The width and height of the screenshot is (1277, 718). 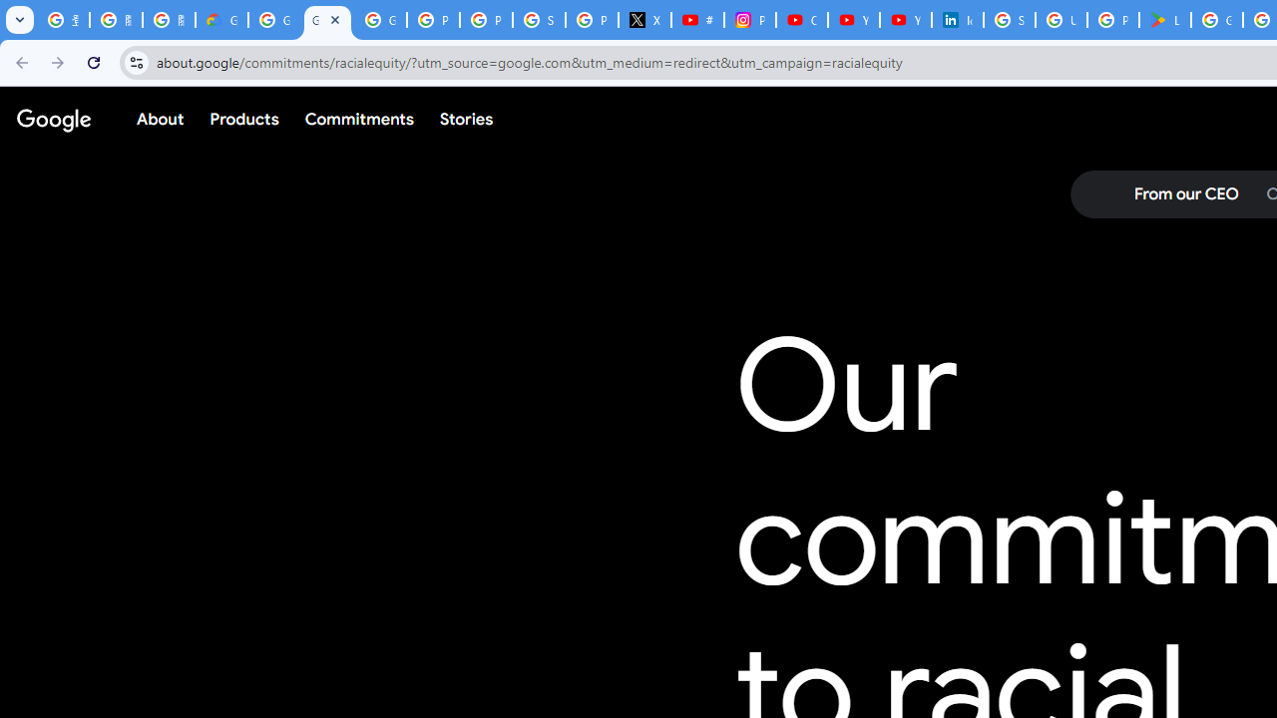 What do you see at coordinates (1165, 20) in the screenshot?
I see `'Last Shelter: Survival - Apps on Google Play'` at bounding box center [1165, 20].